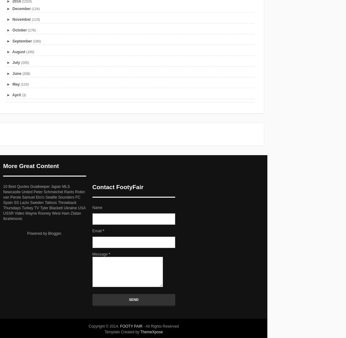 Image resolution: width=346 pixels, height=338 pixels. I want to click on 'Wayne Rooney', so click(38, 213).